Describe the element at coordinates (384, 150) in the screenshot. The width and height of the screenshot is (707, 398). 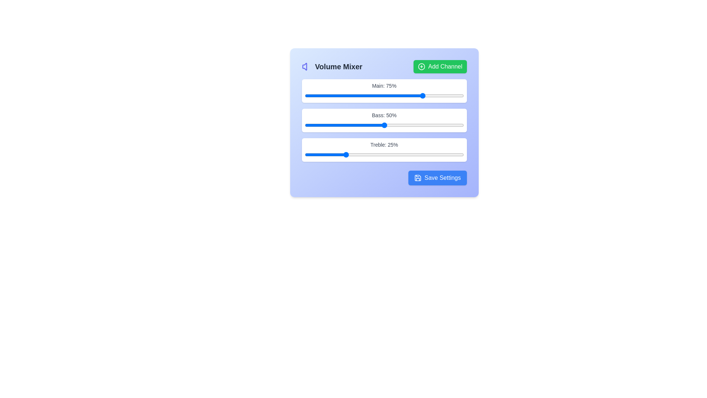
I see `the range slider labeled 'Treble: 25%'` at that location.